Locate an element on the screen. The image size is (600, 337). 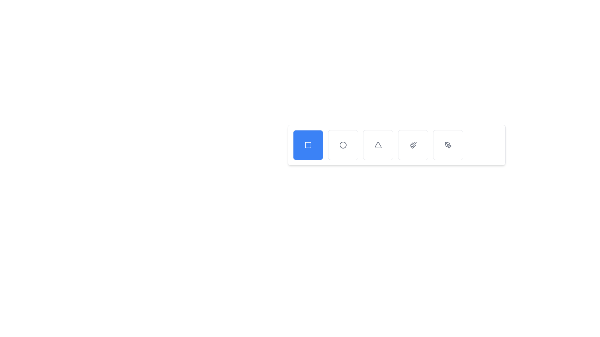
the central square icon embedded within the first button of a horizontally aligned group of buttons, which is styled as a blue square, to initiate further operations is located at coordinates (308, 145).